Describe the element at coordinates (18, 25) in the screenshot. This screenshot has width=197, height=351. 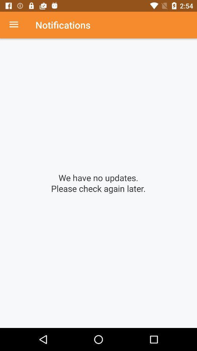
I see `click for dropdown box` at that location.